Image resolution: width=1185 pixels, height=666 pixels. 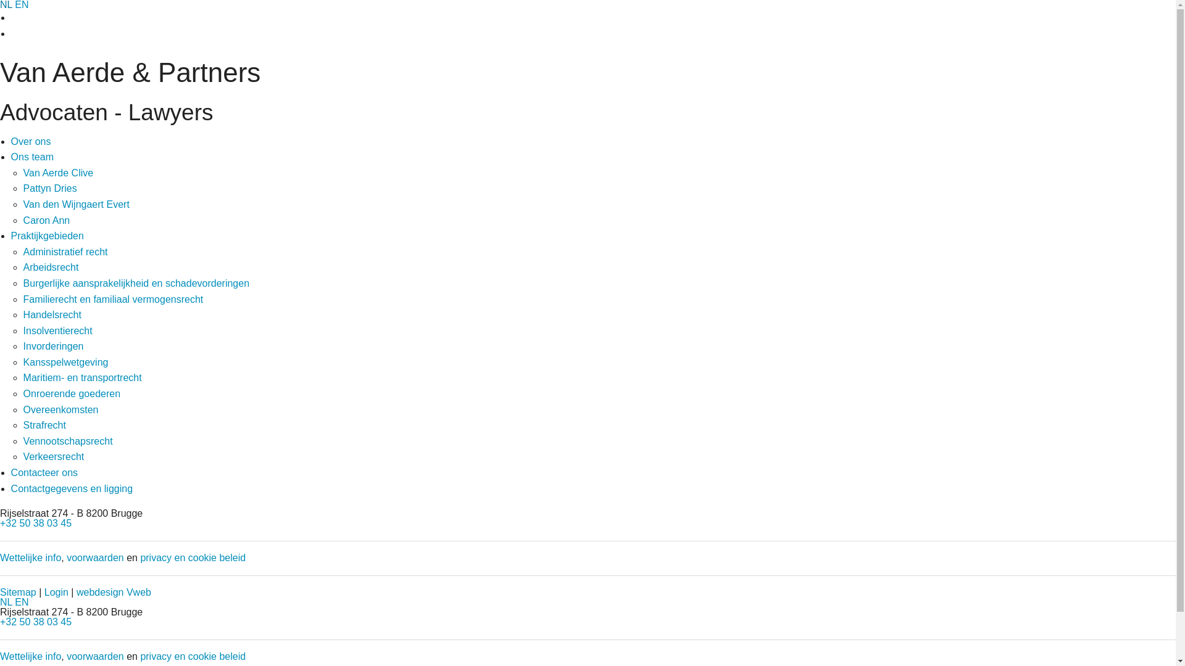 I want to click on 'Contacteer ons', so click(x=11, y=472).